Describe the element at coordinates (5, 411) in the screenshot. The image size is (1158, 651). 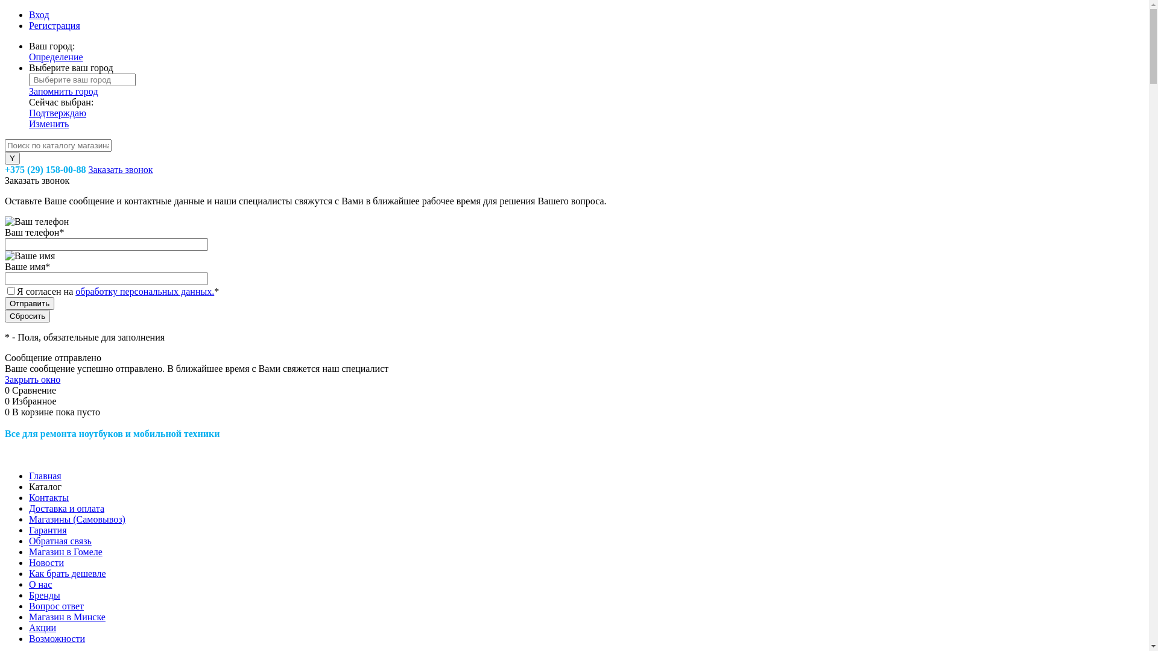
I see `'0'` at that location.